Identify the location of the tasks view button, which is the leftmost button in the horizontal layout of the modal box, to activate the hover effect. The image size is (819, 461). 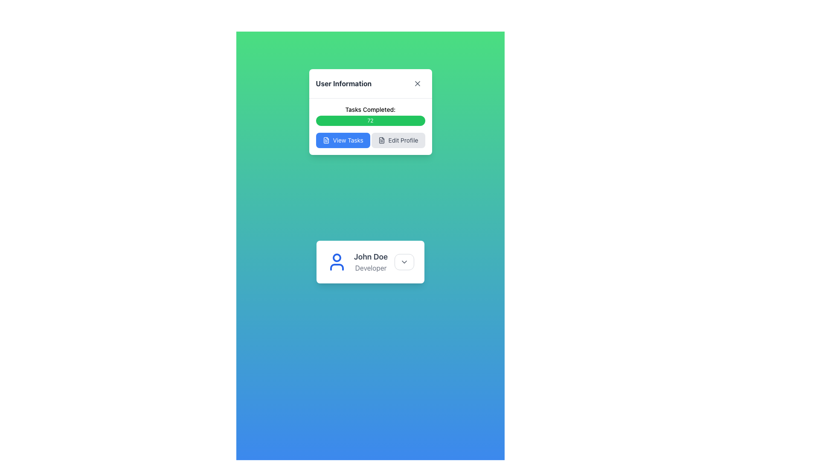
(343, 140).